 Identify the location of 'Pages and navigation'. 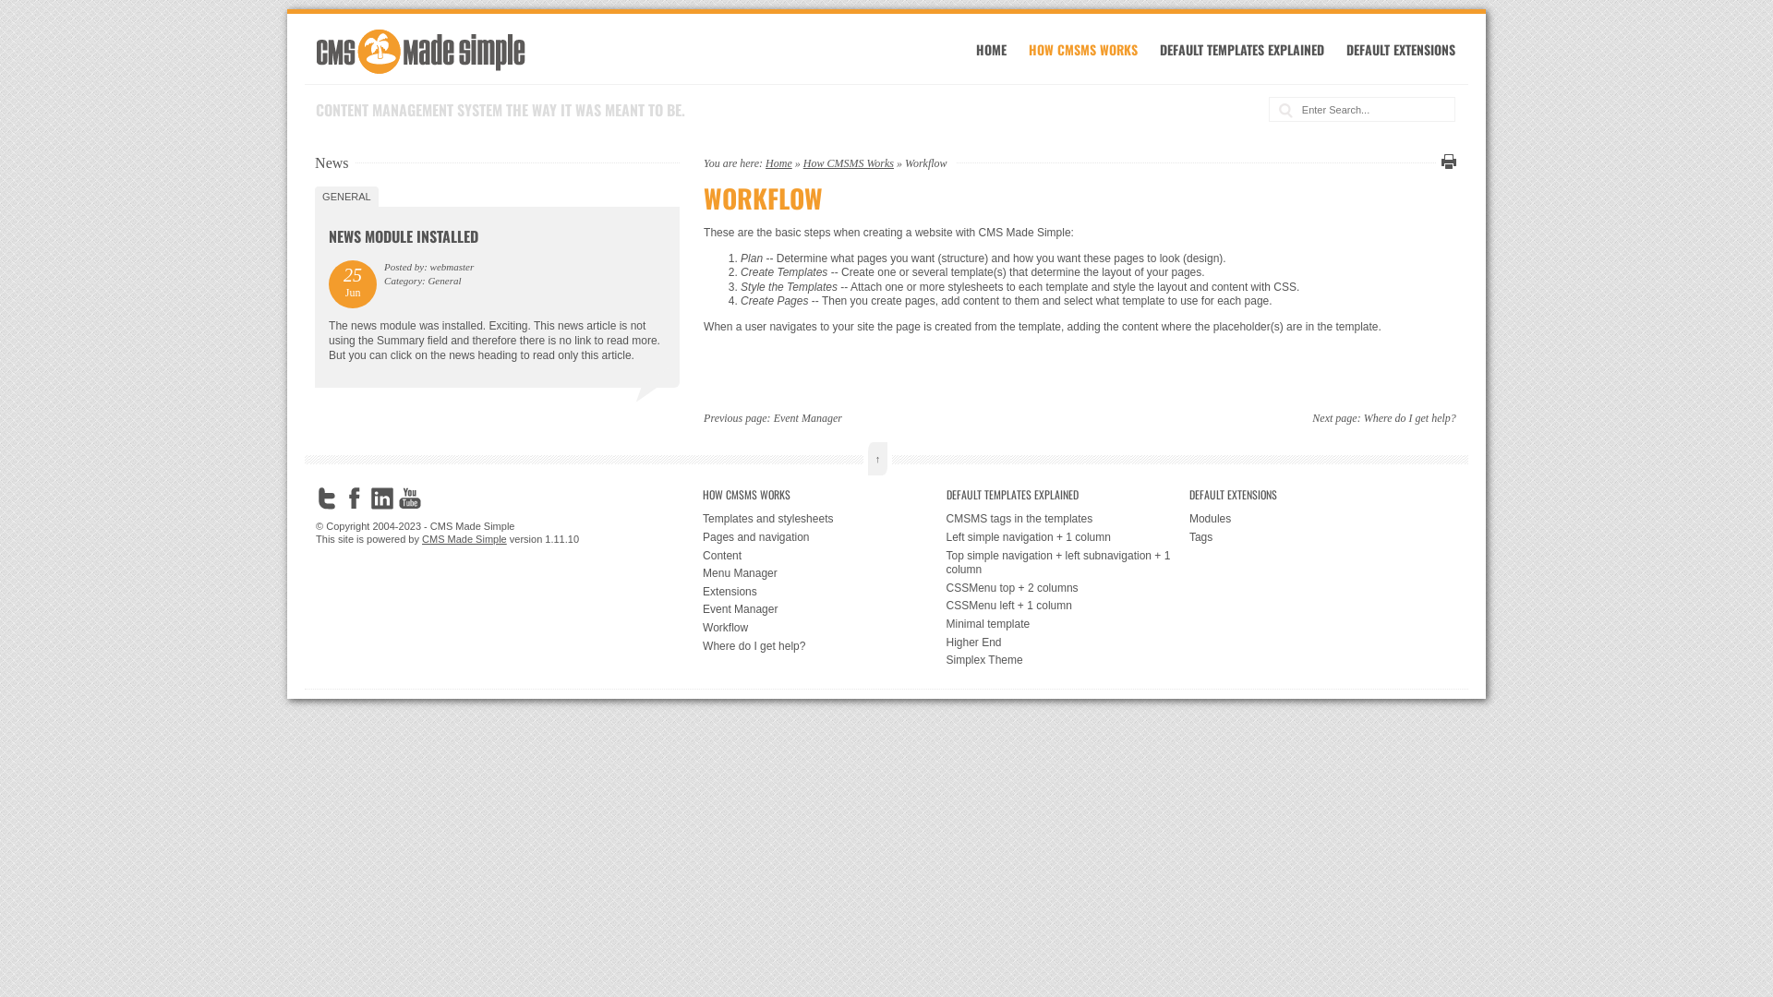
(823, 537).